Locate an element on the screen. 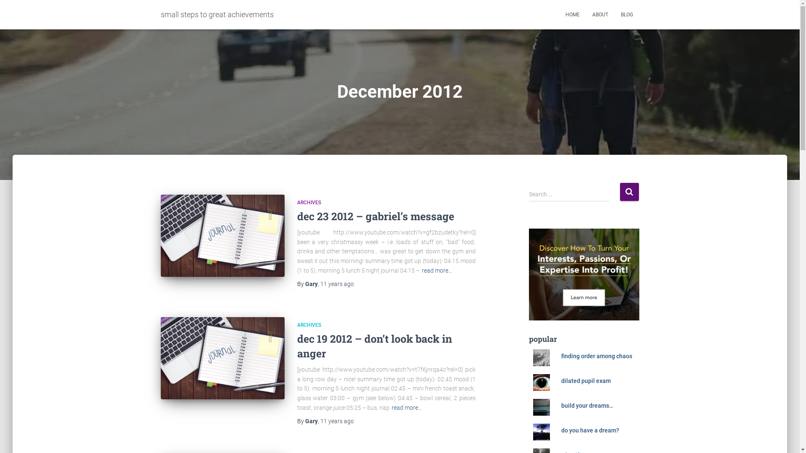  'dilated pupil exam' is located at coordinates (586, 380).